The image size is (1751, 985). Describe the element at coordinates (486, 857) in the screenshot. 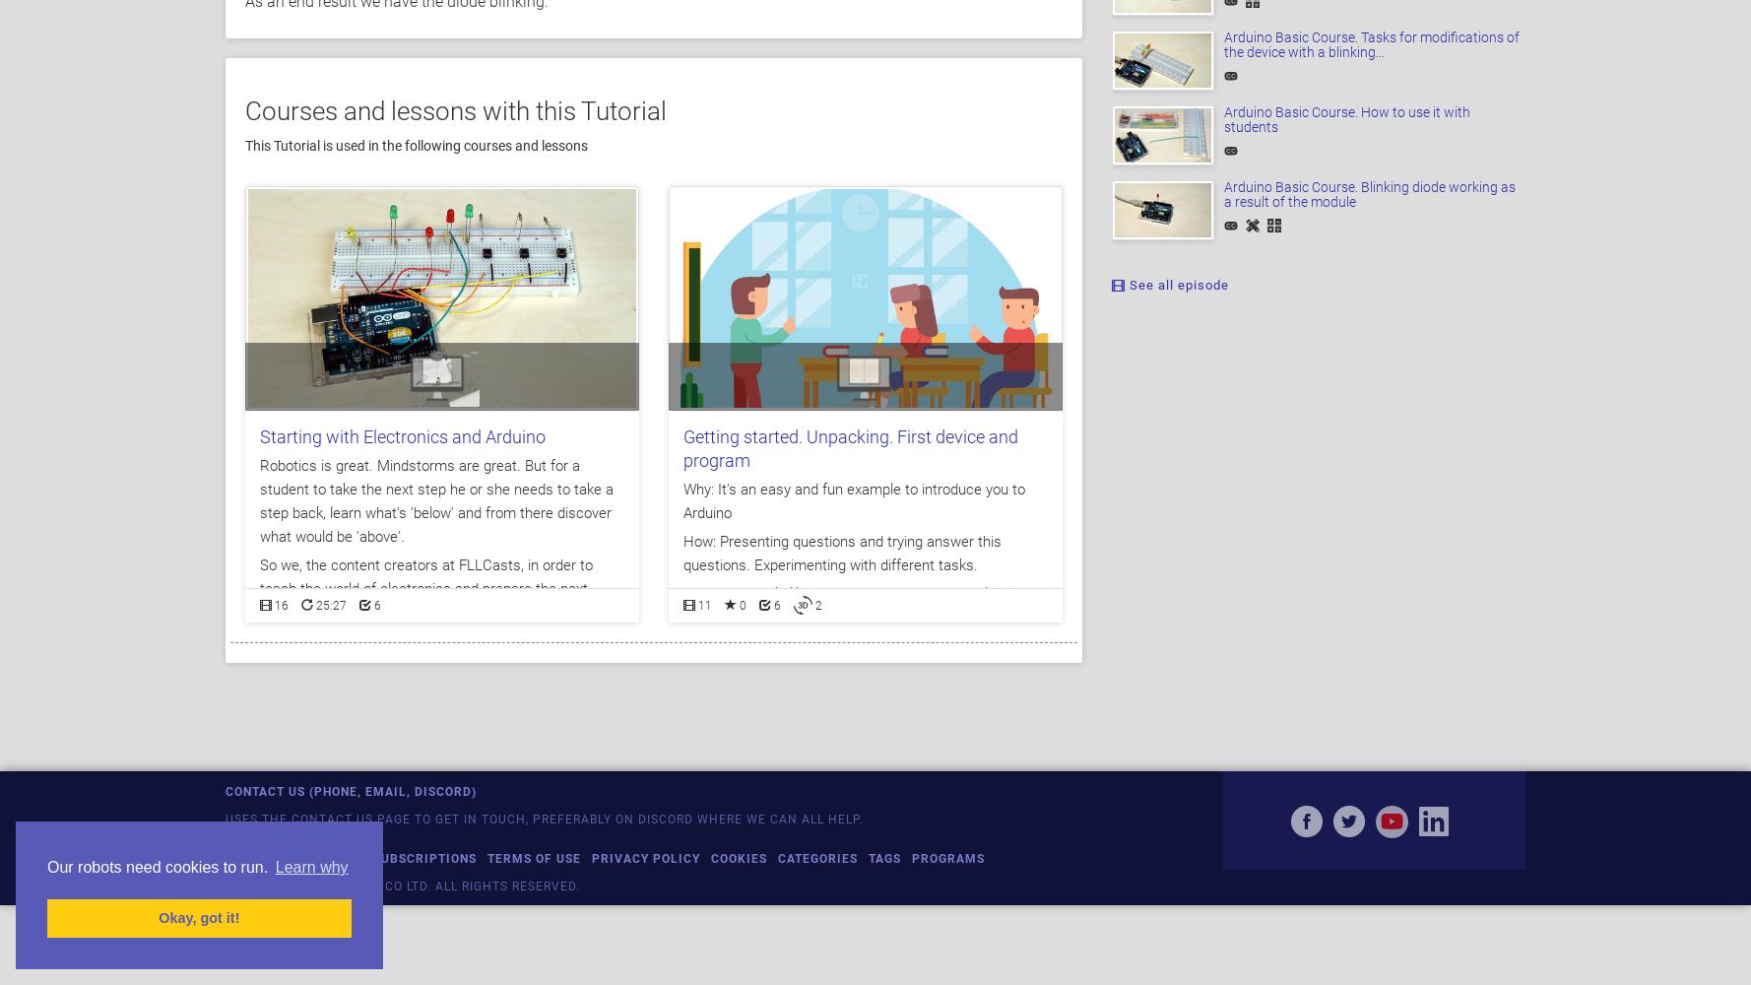

I see `'Terms of Use'` at that location.